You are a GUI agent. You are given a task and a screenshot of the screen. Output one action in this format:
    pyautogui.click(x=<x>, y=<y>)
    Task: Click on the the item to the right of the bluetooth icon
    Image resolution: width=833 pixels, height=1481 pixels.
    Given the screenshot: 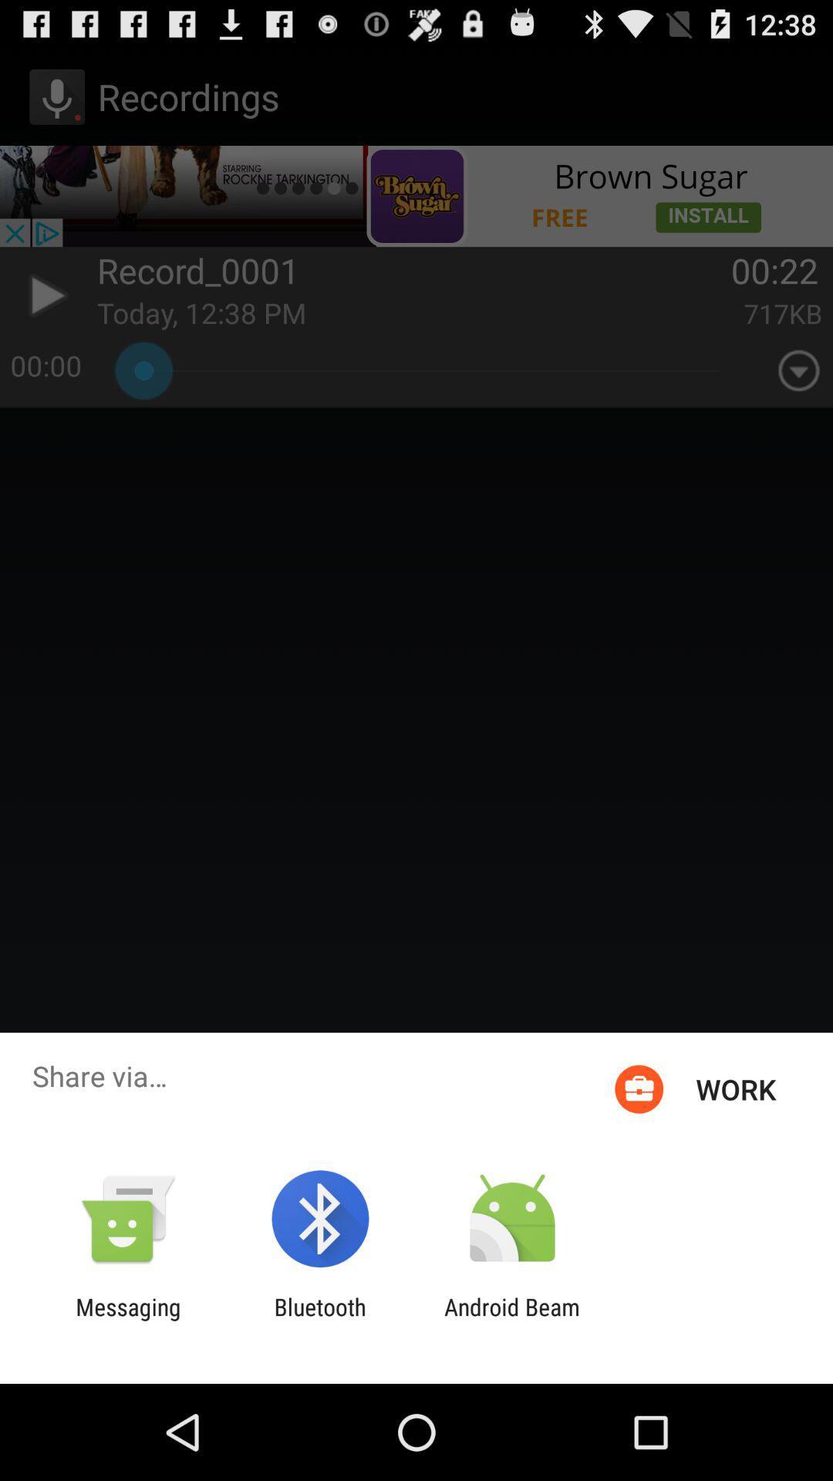 What is the action you would take?
    pyautogui.click(x=512, y=1320)
    